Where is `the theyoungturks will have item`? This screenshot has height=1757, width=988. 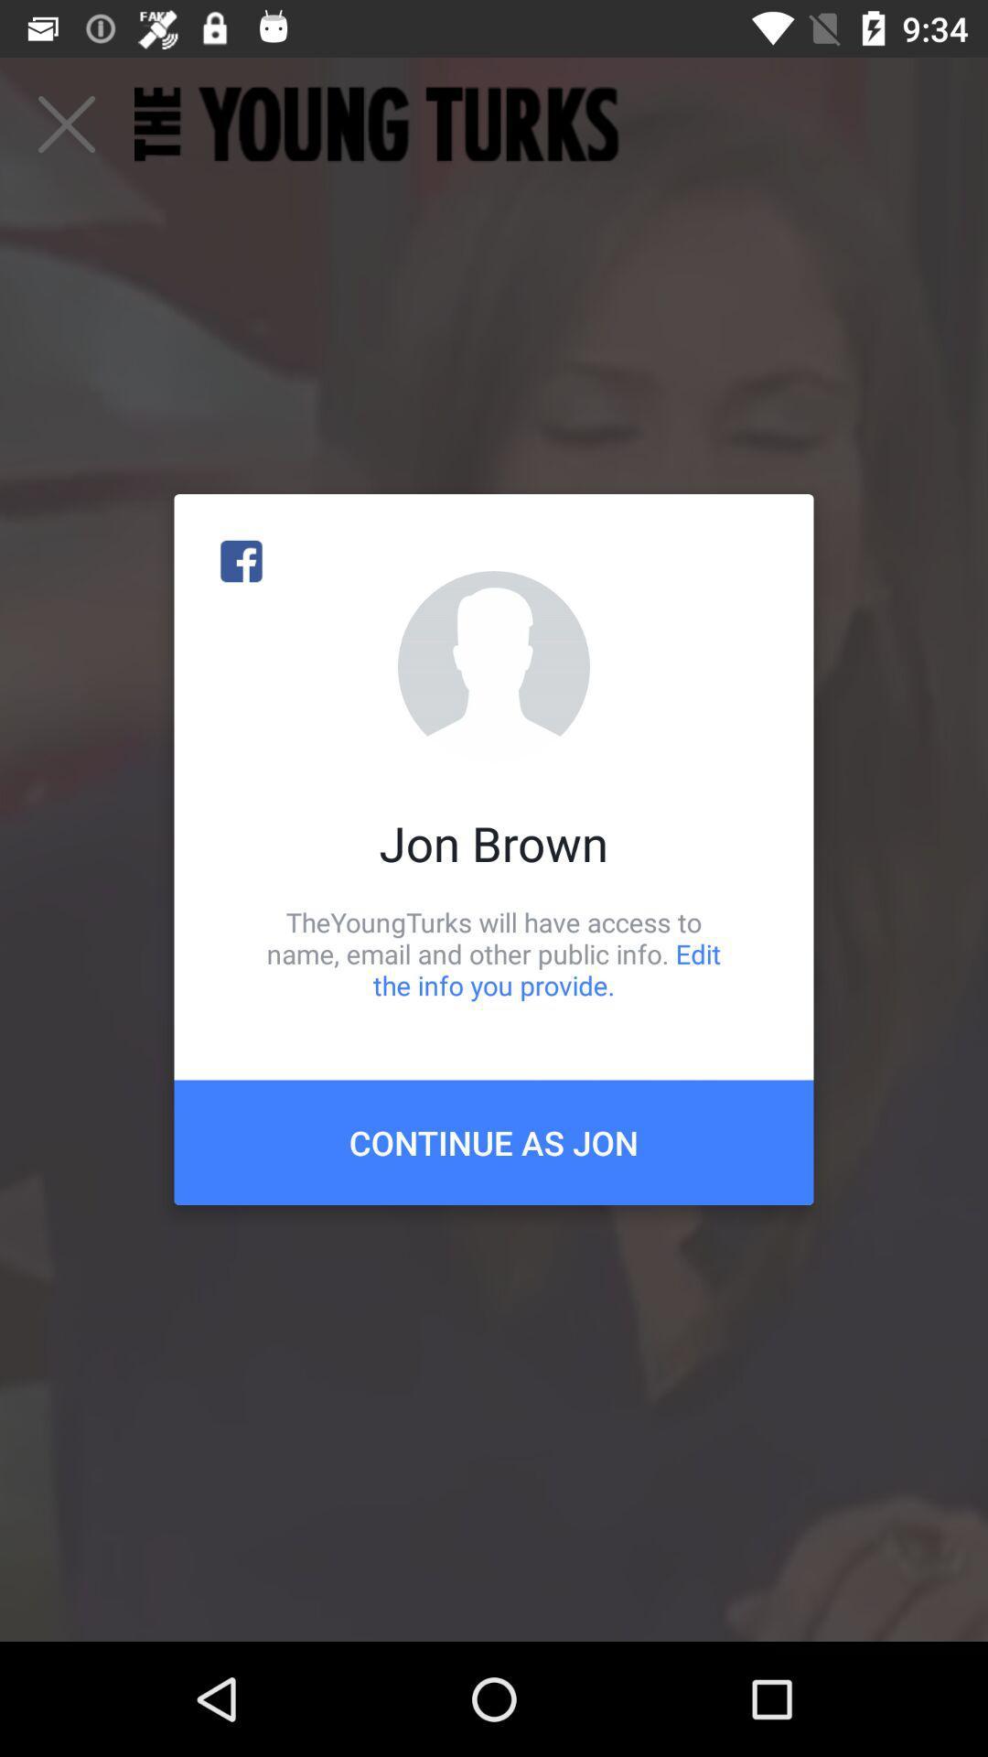 the theyoungturks will have item is located at coordinates (494, 953).